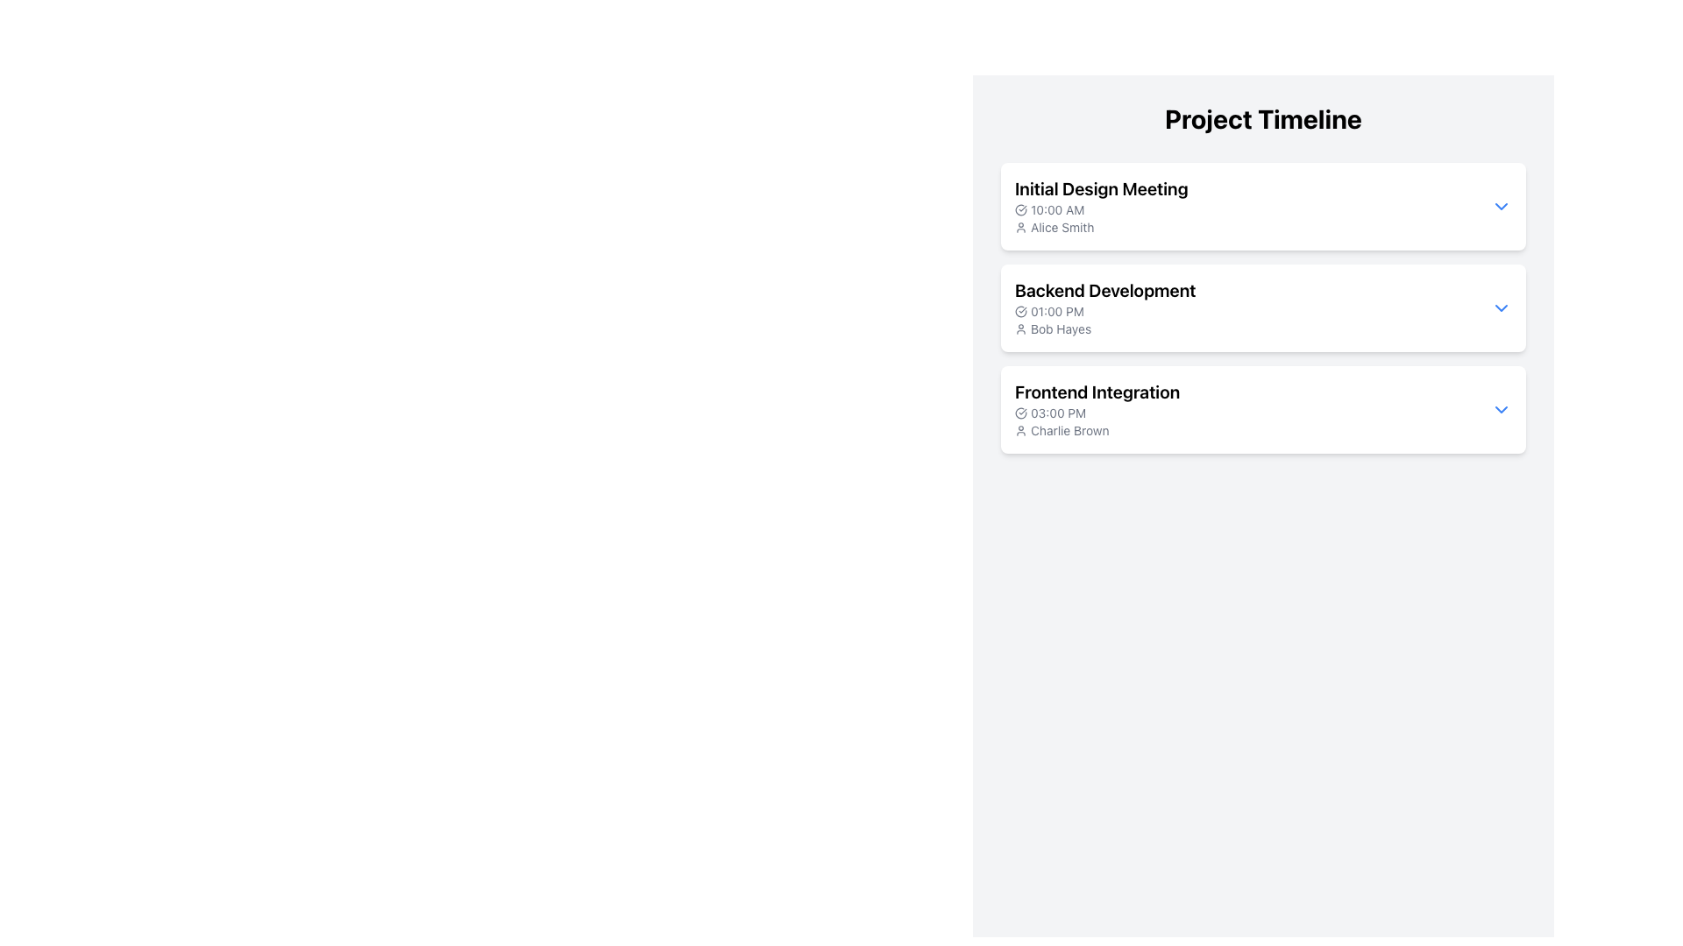 This screenshot has height=946, width=1683. What do you see at coordinates (1501, 409) in the screenshot?
I see `the blue downward-pointing chevron button located at the far-right of the 'Frontend Integration' card` at bounding box center [1501, 409].